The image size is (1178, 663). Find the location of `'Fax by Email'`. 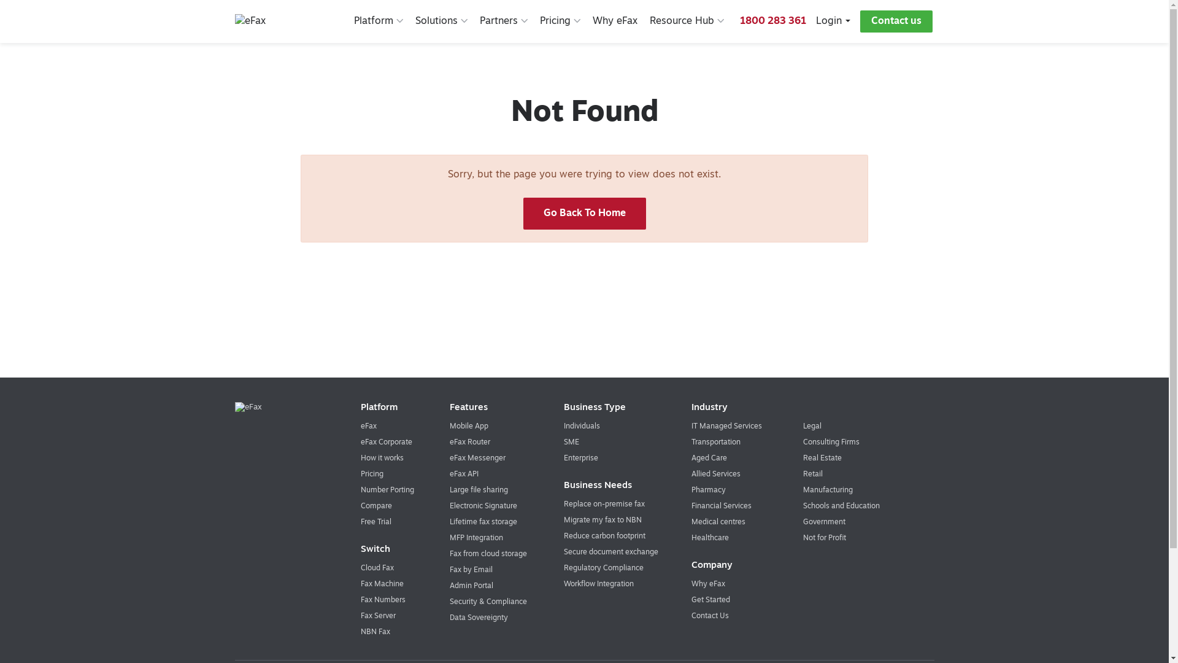

'Fax by Email' is located at coordinates (471, 570).